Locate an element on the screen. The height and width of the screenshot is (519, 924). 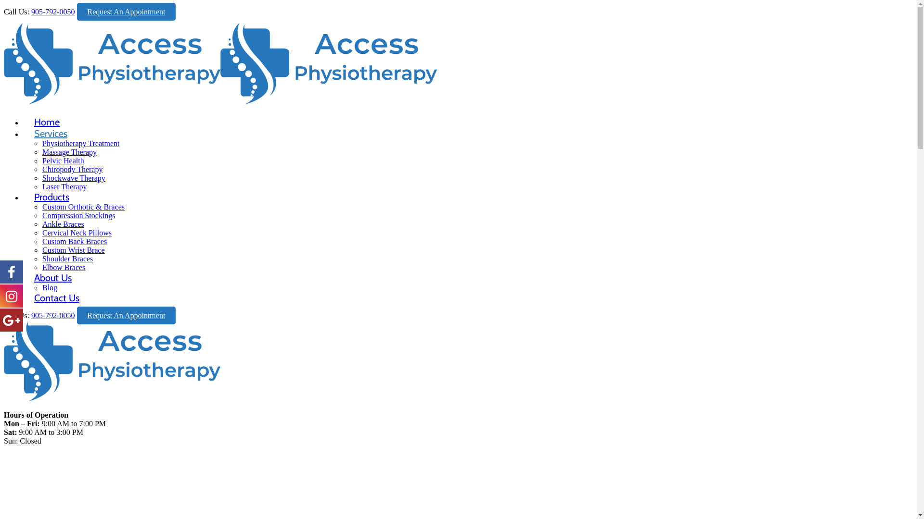
'Elbow Braces' is located at coordinates (63, 267).